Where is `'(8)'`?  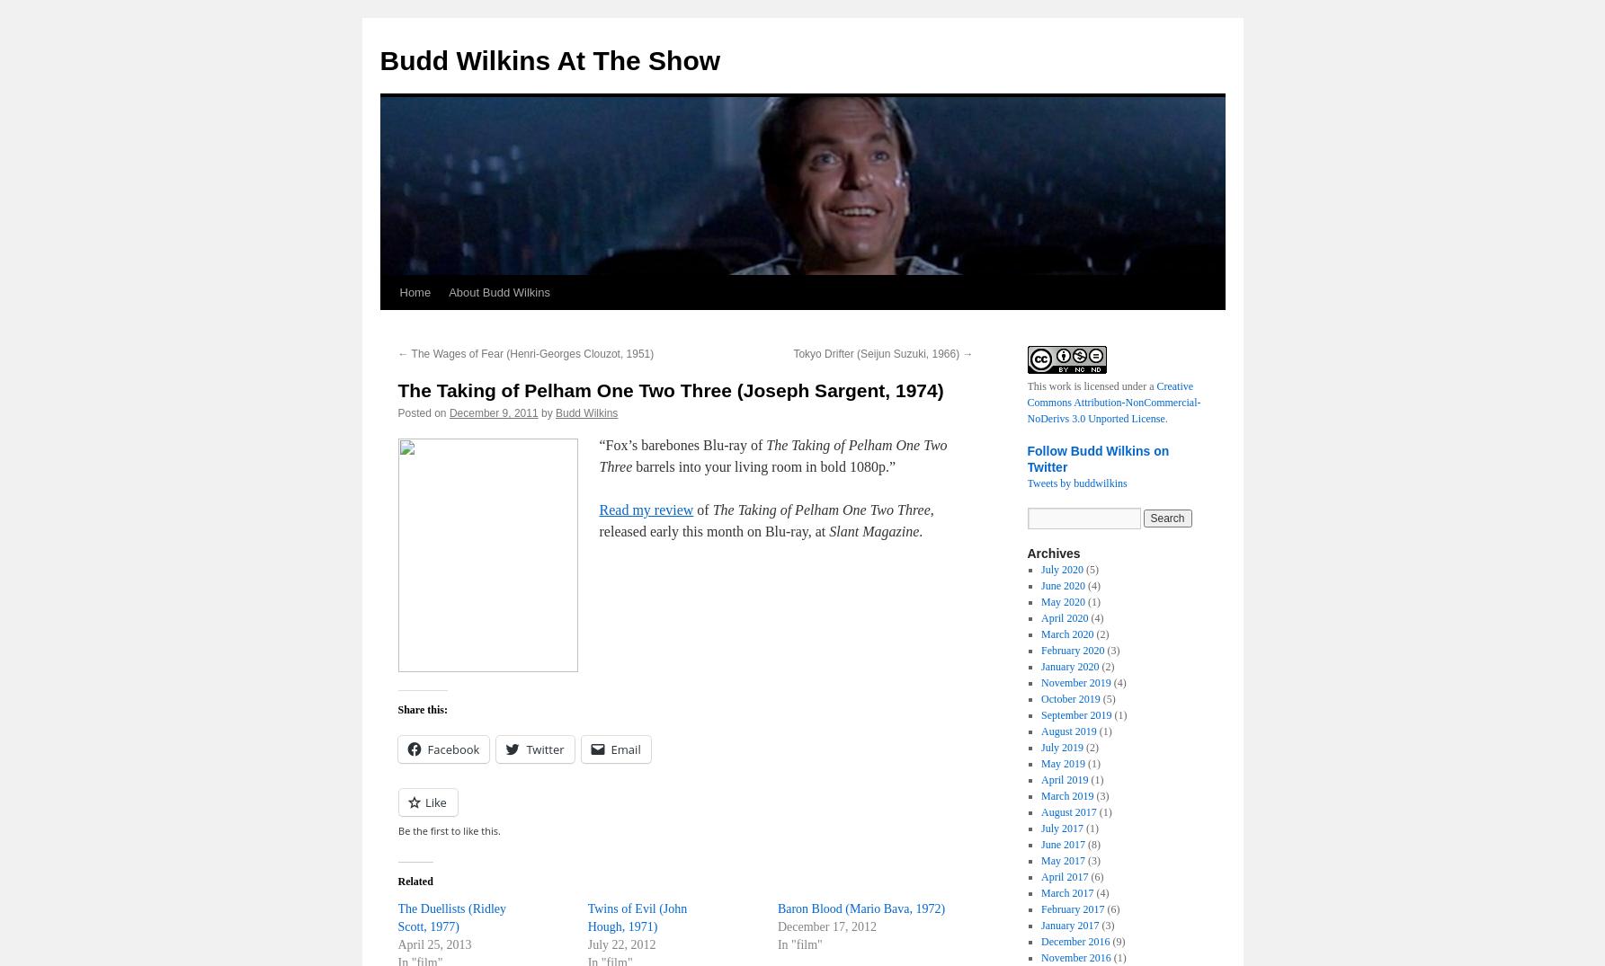 '(8)' is located at coordinates (1092, 844).